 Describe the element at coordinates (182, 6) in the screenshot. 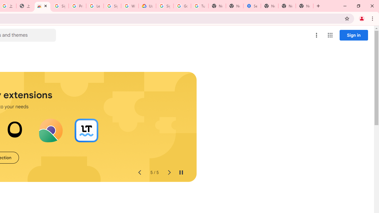

I see `'Google Account Help'` at that location.